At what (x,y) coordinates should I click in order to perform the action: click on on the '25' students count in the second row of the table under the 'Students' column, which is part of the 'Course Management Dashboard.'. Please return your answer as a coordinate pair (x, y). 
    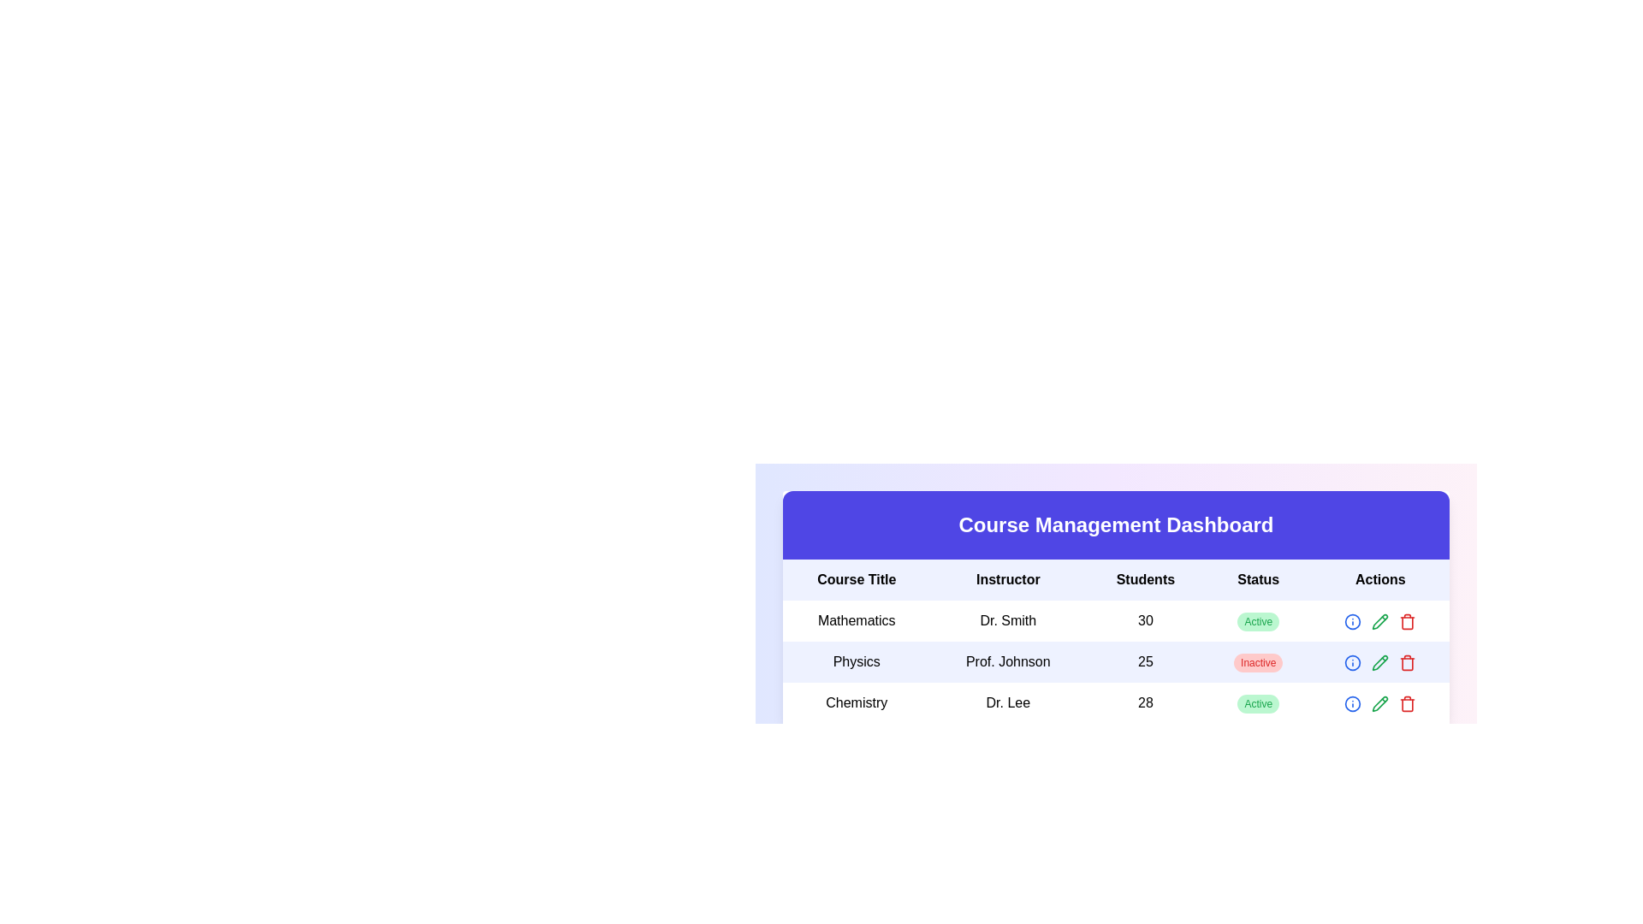
    Looking at the image, I should click on (1116, 641).